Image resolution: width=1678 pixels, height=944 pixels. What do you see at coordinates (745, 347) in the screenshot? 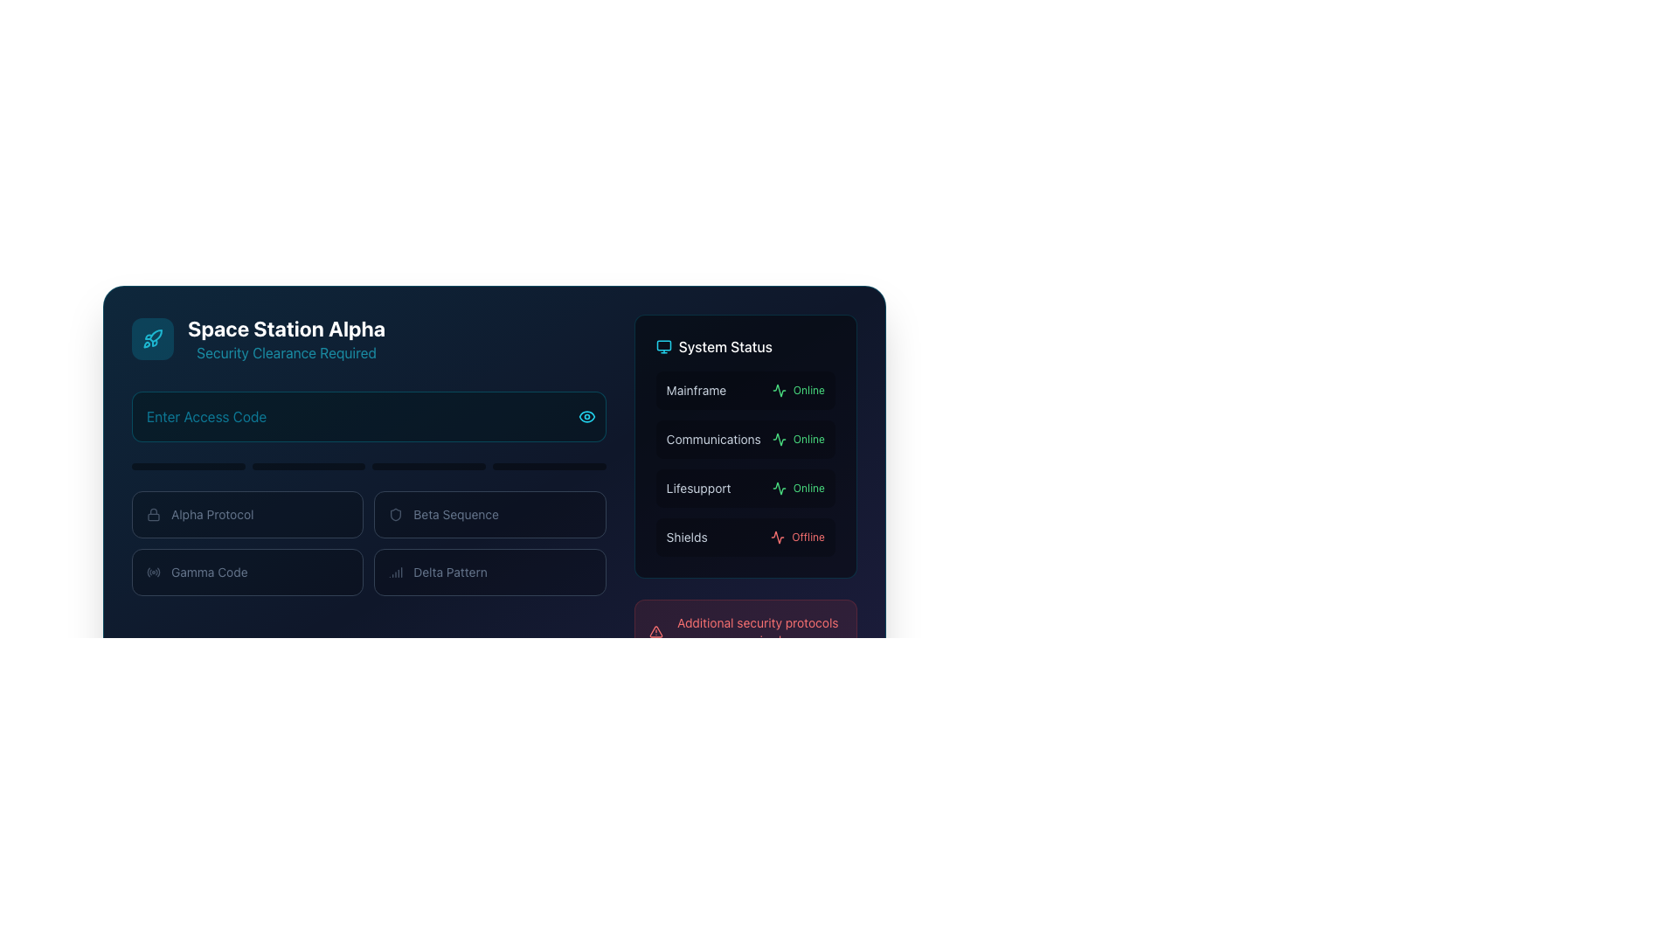
I see `the 'System Status' text label, which is styled in white bold text and has a cyan-colored computer monitor icon, located in the top-right corner of the interface` at bounding box center [745, 347].